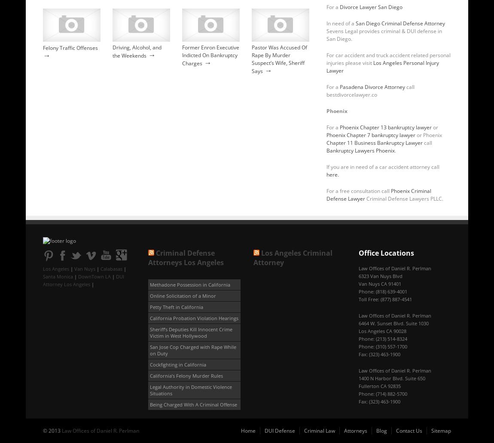 The width and height of the screenshot is (494, 443). I want to click on 'Santa Monica', so click(43, 276).